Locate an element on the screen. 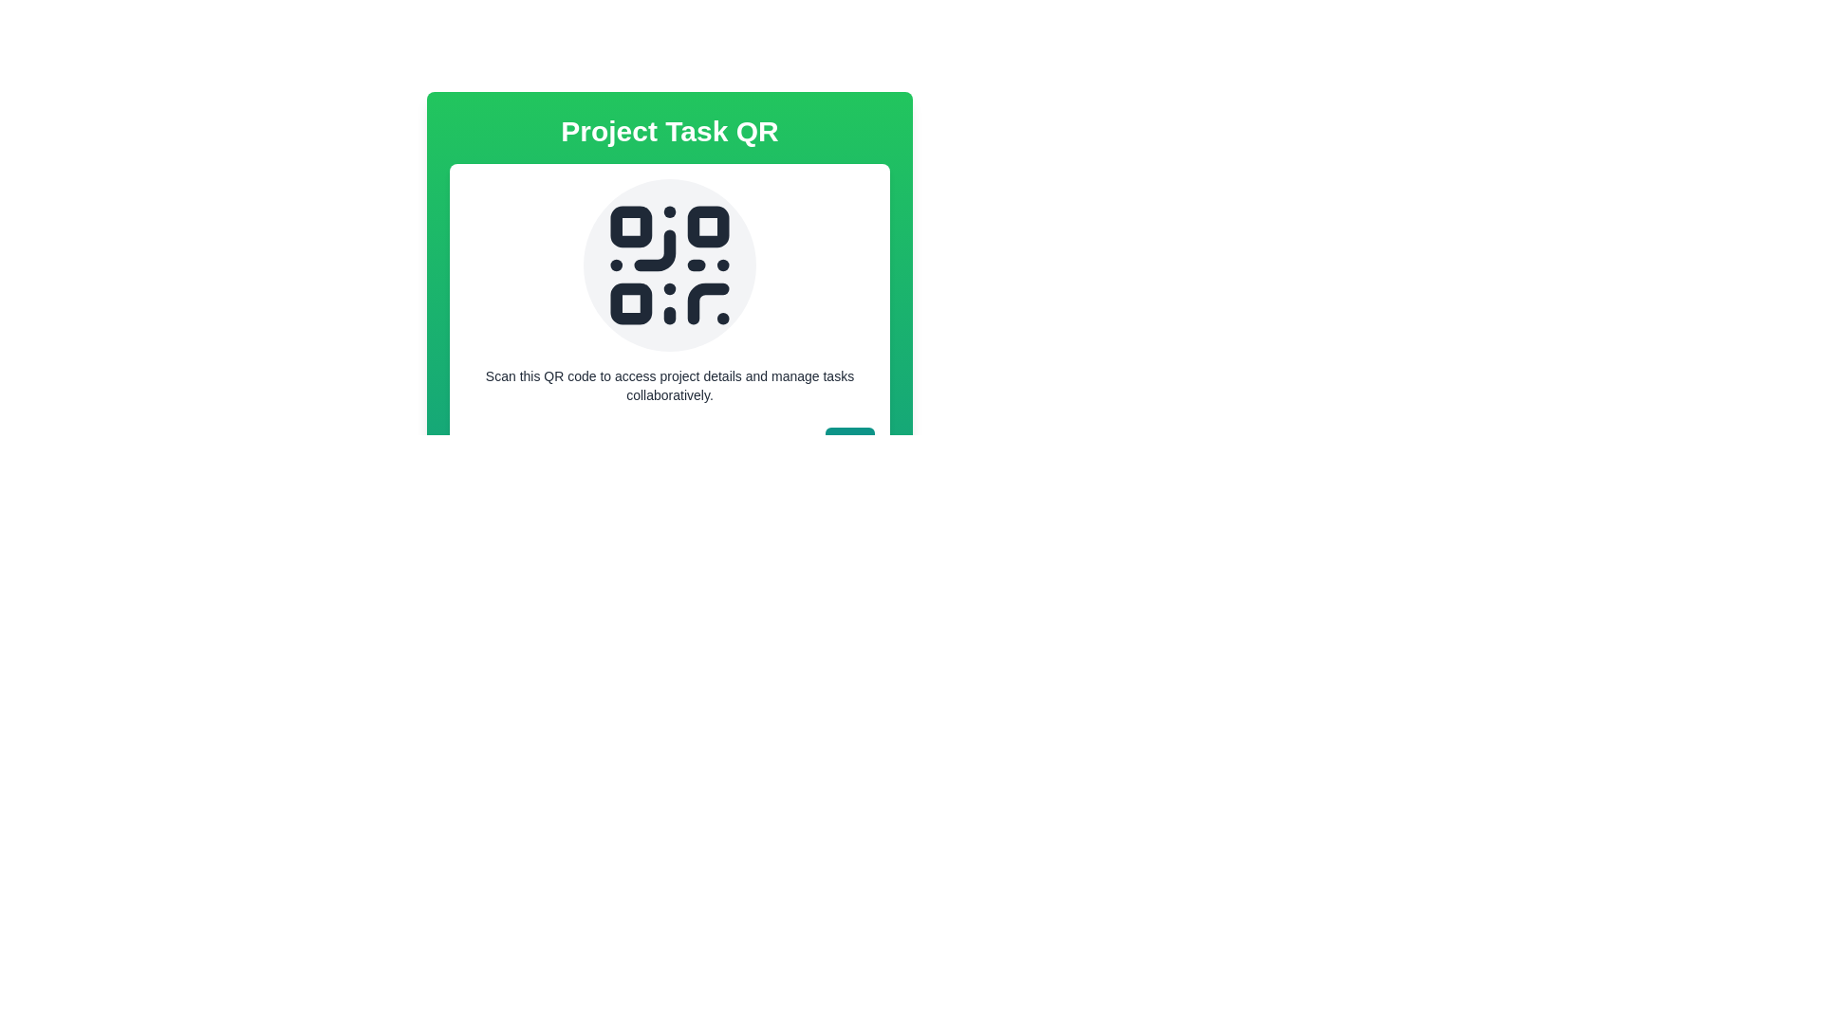 Image resolution: width=1822 pixels, height=1024 pixels. the title text at the top of the card component, which serves as a clear label for its purpose is located at coordinates (669, 130).